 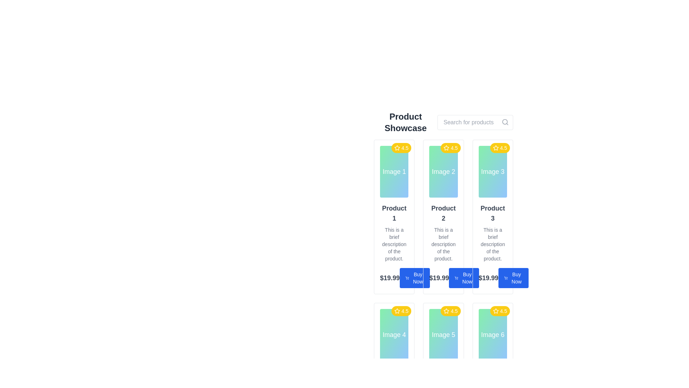 What do you see at coordinates (492, 172) in the screenshot?
I see `text 'Image 3' displayed in a bold white font within the third column of a three-column grid layout, centered in its card above the 'Product 3' title` at bounding box center [492, 172].